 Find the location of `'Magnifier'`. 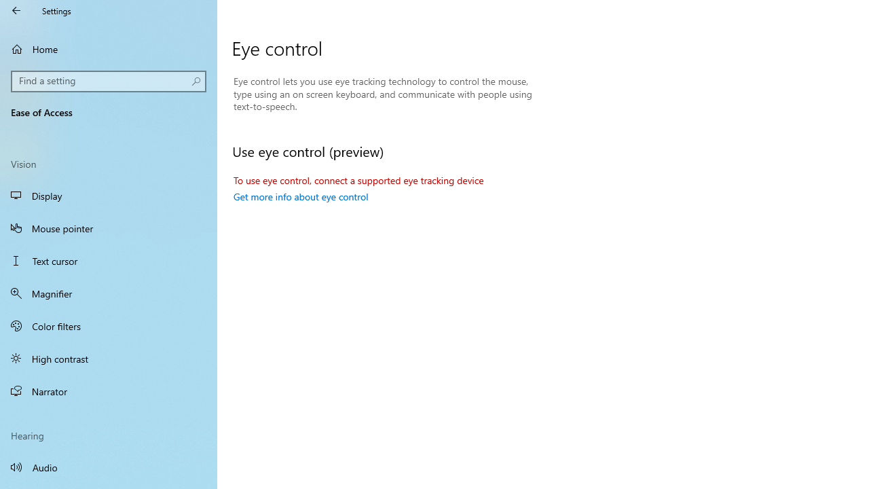

'Magnifier' is located at coordinates (109, 293).